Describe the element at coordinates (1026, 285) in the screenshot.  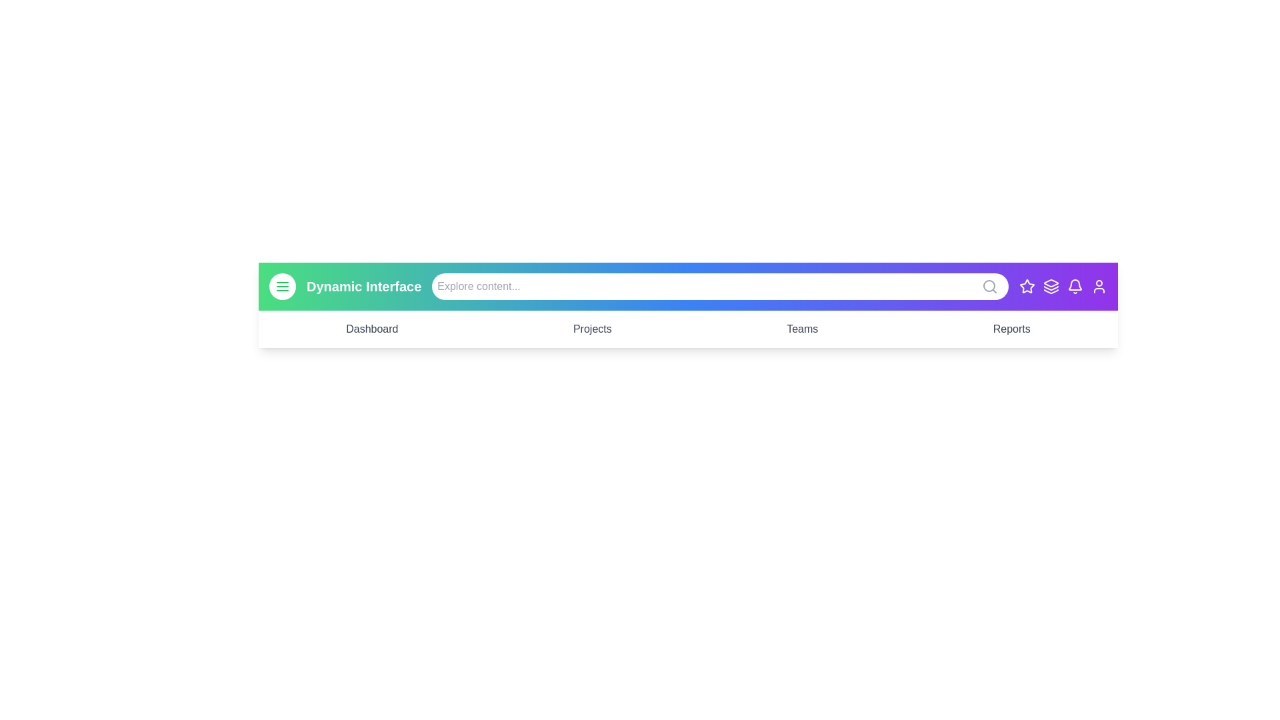
I see `the Star icon to perform its associated action` at that location.